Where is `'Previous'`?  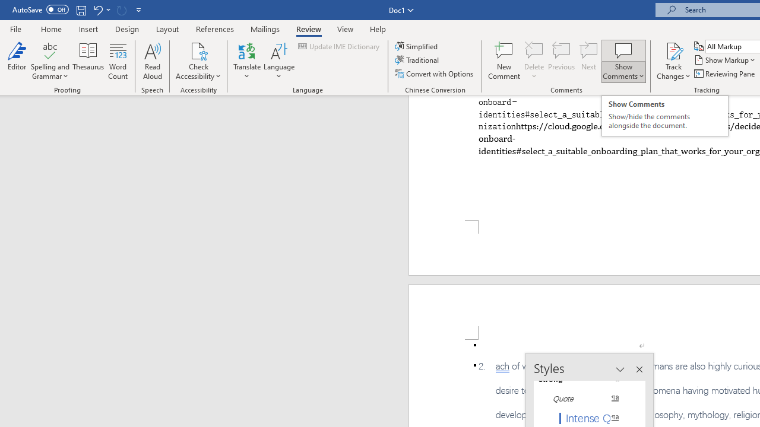 'Previous' is located at coordinates (561, 61).